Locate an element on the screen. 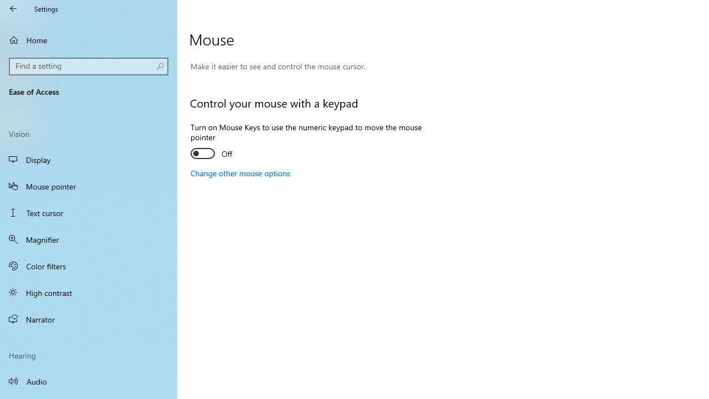 This screenshot has height=399, width=709. 'Narrator' is located at coordinates (89, 319).